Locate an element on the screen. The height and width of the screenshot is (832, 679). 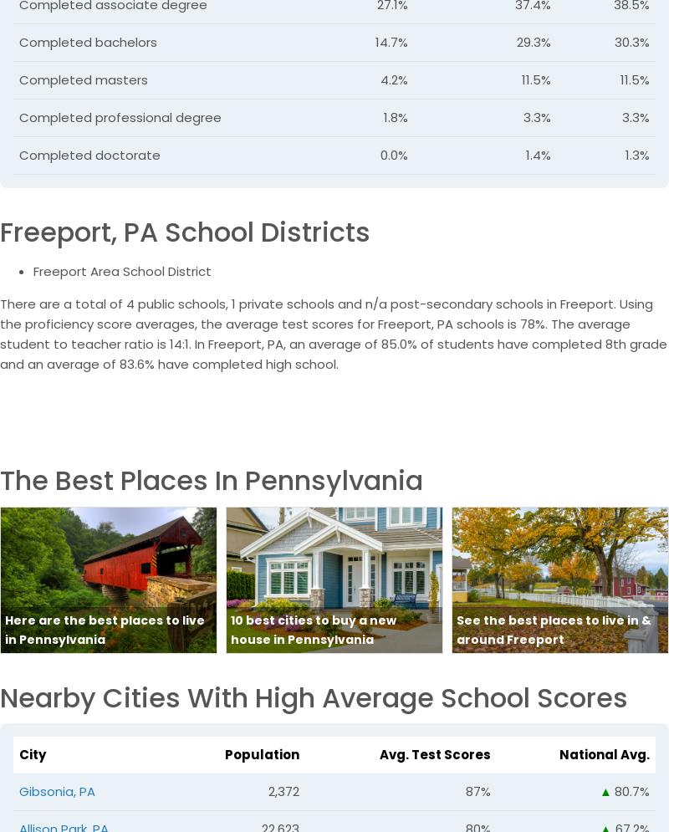
'City' is located at coordinates (18, 753).